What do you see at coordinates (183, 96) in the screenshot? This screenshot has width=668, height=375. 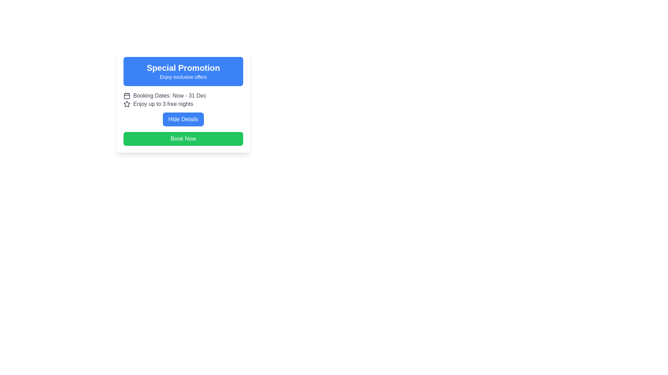 I see `the Text Display with Icon that reads 'Booking Dates: Now - 31 Dec', located below the heading 'Special Promotion'` at bounding box center [183, 96].